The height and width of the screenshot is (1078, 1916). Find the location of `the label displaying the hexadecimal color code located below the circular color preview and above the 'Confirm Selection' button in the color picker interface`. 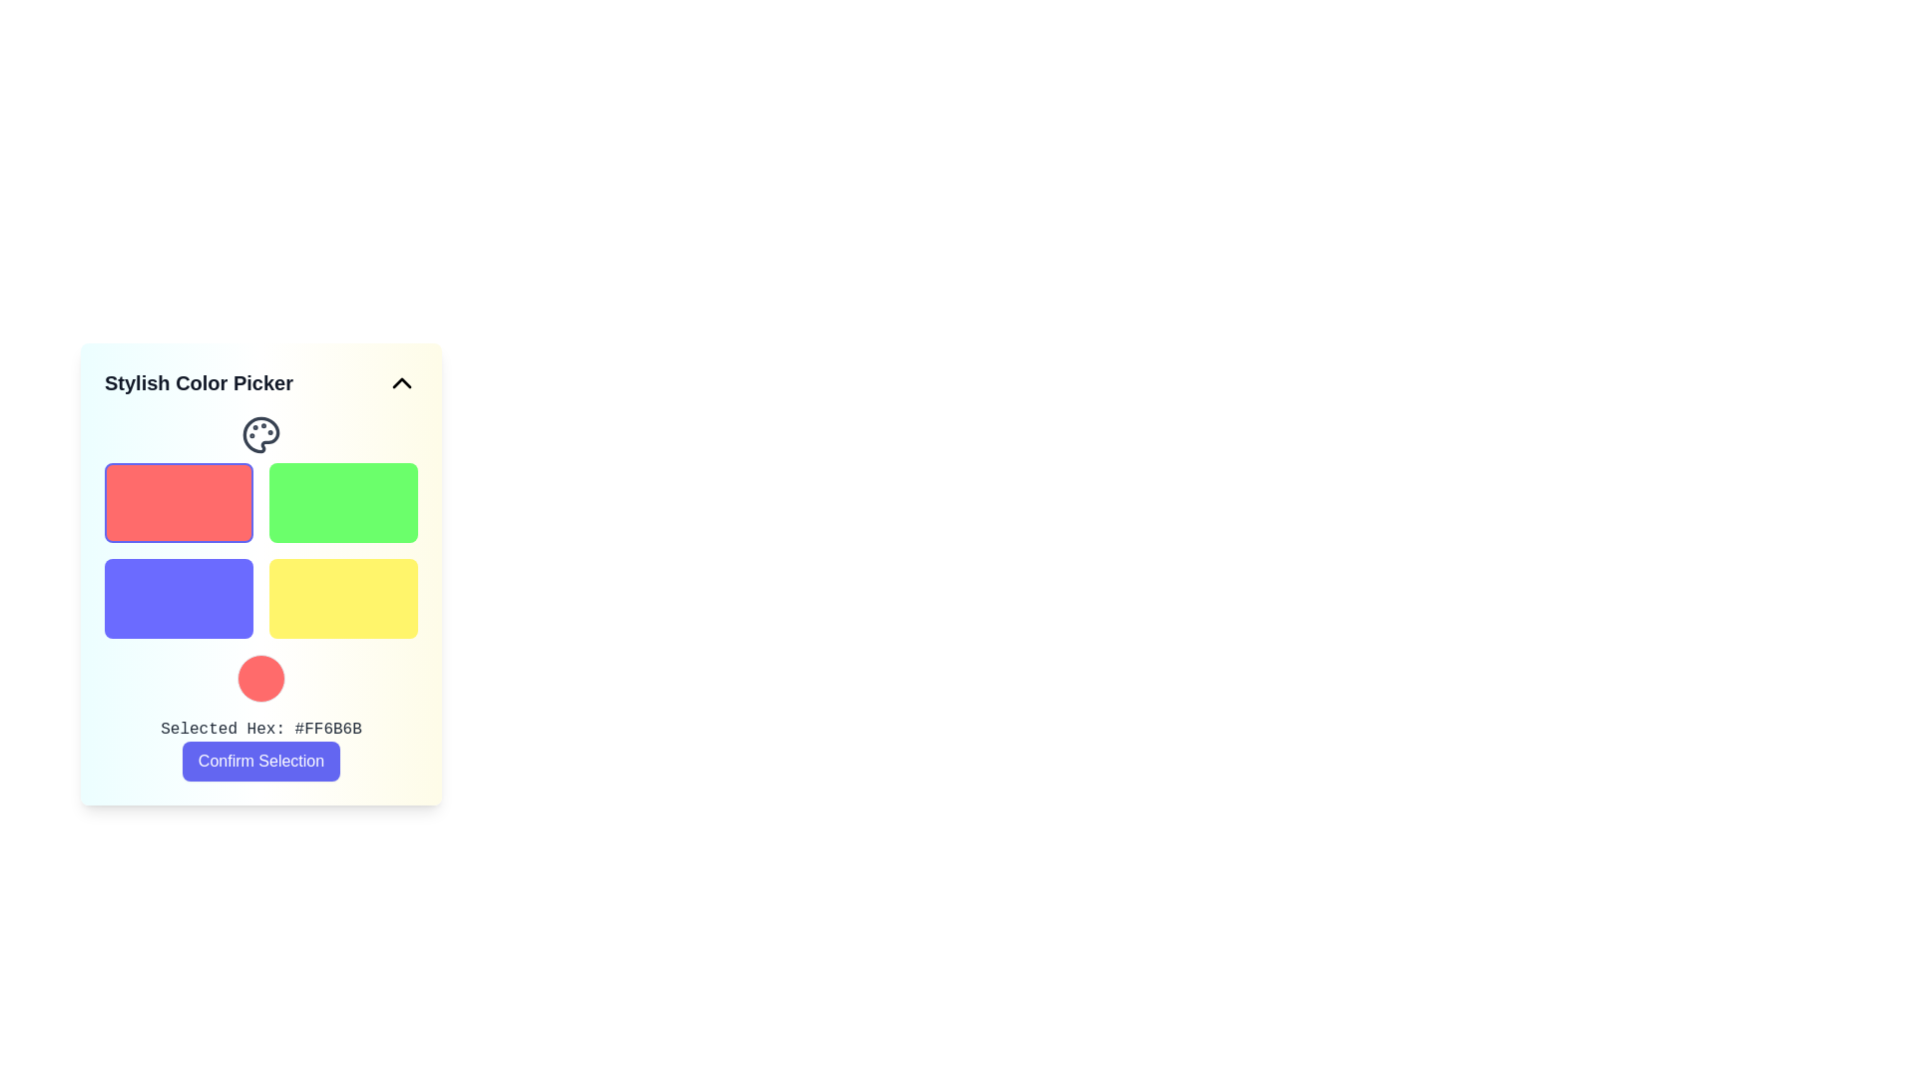

the label displaying the hexadecimal color code located below the circular color preview and above the 'Confirm Selection' button in the color picker interface is located at coordinates (260, 730).